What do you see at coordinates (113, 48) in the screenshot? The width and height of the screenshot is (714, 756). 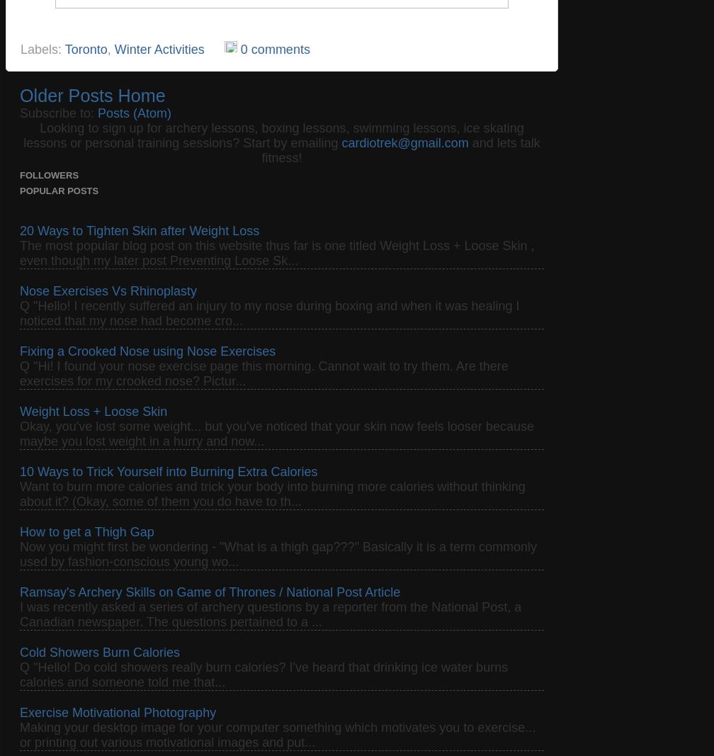 I see `'Winter Activities'` at bounding box center [113, 48].